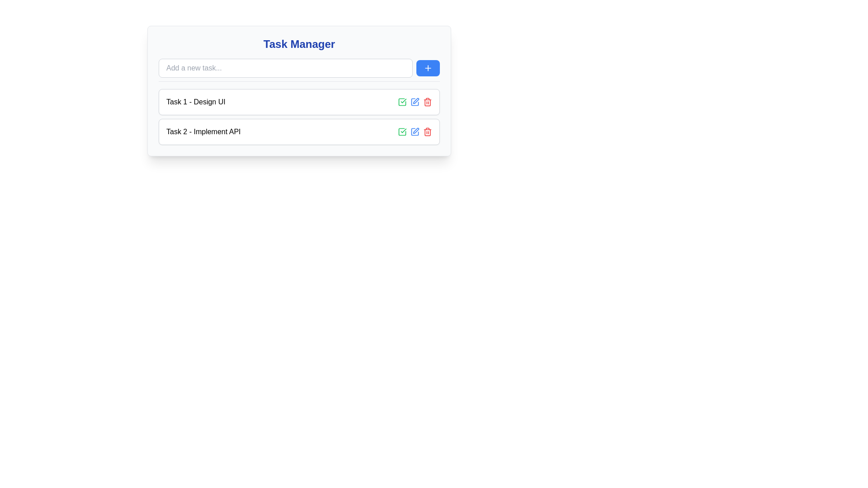 The height and width of the screenshot is (488, 868). Describe the element at coordinates (427, 67) in the screenshot. I see `the 'Add' button located to the right of the 'Add a new task...' input box` at that location.